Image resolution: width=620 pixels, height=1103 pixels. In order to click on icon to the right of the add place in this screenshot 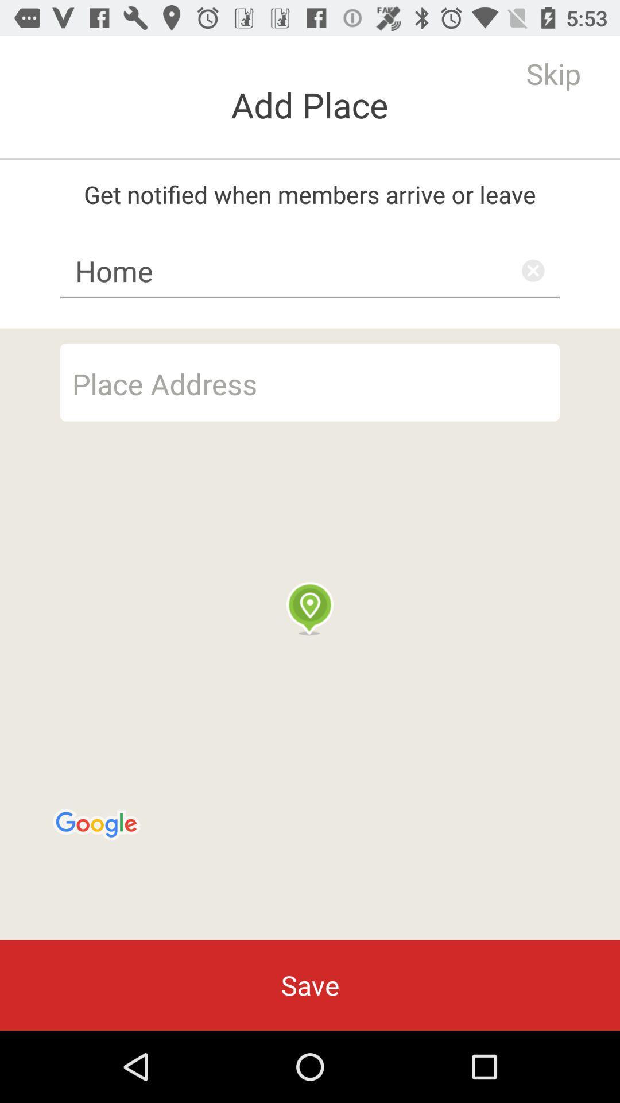, I will do `click(553, 73)`.